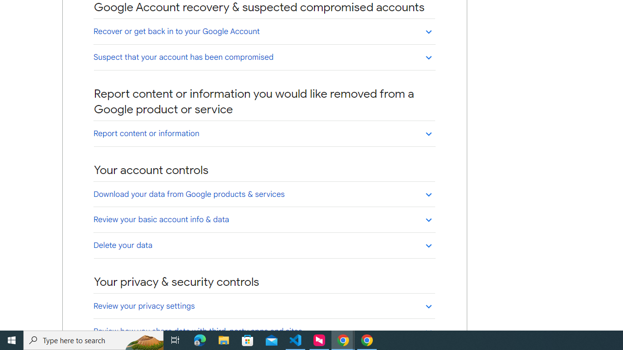  I want to click on 'Review how you share data with third-party apps and sites', so click(264, 331).